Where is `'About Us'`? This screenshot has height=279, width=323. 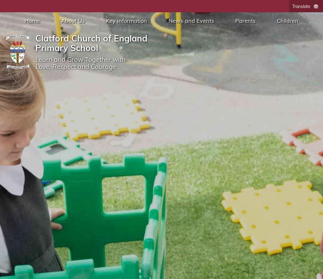 'About Us' is located at coordinates (73, 21).